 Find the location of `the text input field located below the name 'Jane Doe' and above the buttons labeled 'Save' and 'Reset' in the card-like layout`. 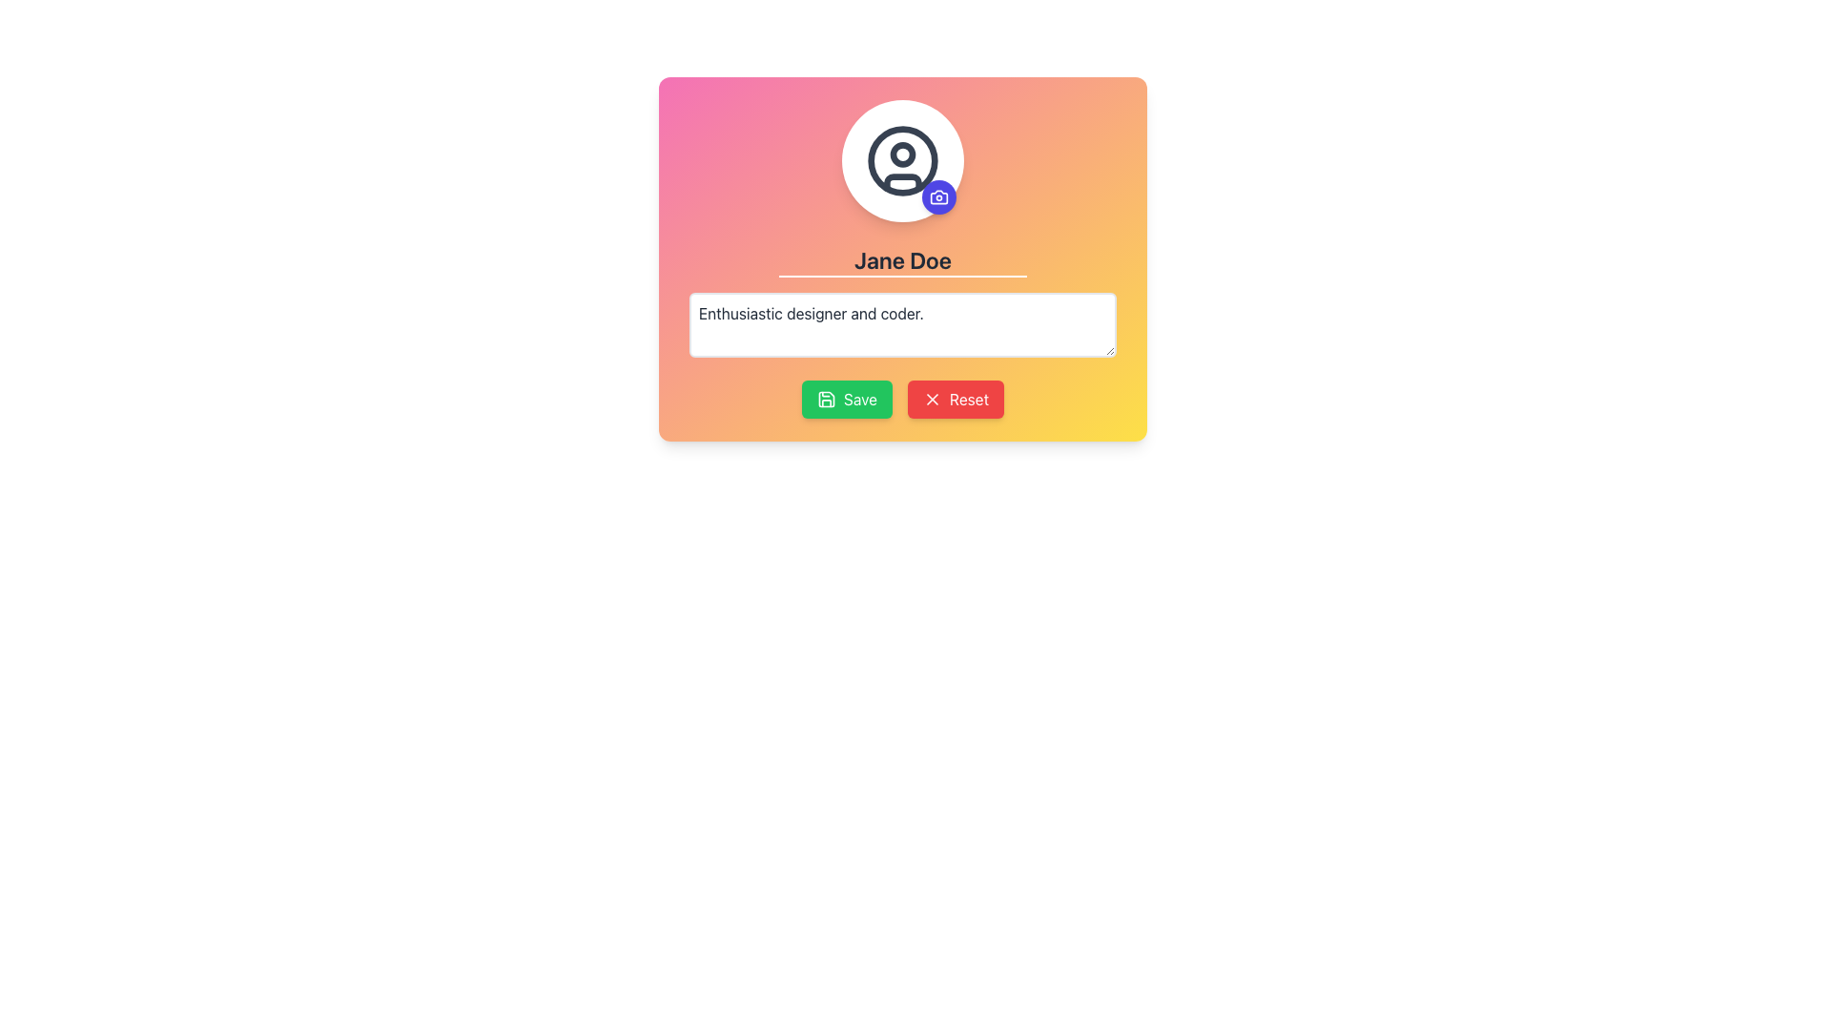

the text input field located below the name 'Jane Doe' and above the buttons labeled 'Save' and 'Reset' in the card-like layout is located at coordinates (901, 323).